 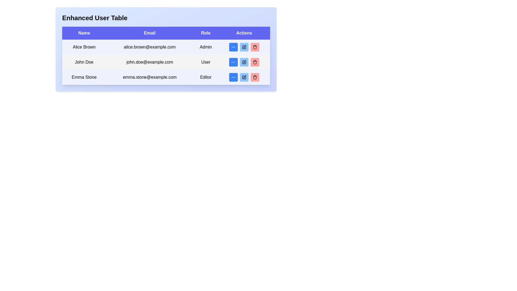 What do you see at coordinates (205, 77) in the screenshot?
I see `the text label indicating the role of 'Emma Stone' as 'Editor' in the third row of the table under the 'Role' column` at bounding box center [205, 77].